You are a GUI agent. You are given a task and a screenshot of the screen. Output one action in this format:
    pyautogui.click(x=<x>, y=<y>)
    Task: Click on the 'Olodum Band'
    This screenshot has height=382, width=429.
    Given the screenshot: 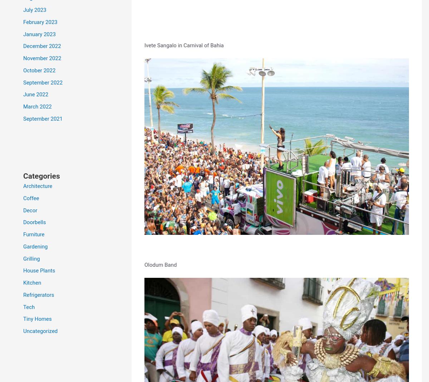 What is the action you would take?
    pyautogui.click(x=161, y=264)
    